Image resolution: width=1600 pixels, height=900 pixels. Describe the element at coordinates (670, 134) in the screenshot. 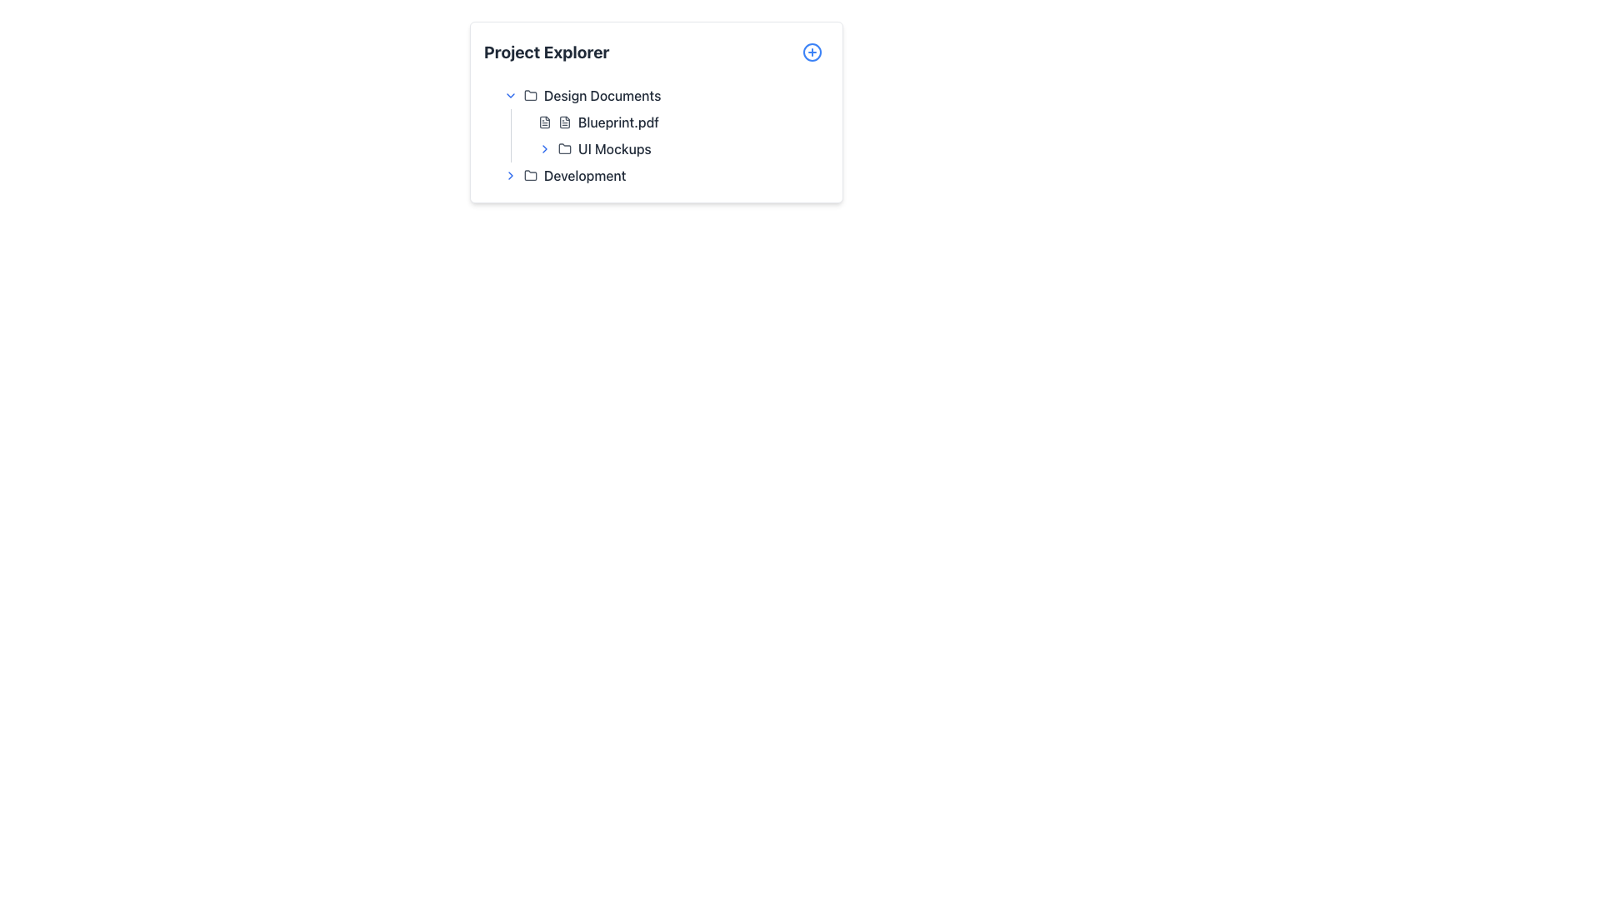

I see `the 'UI Mockups' folder within the 'Design Documents' section of the Project Explorer` at that location.